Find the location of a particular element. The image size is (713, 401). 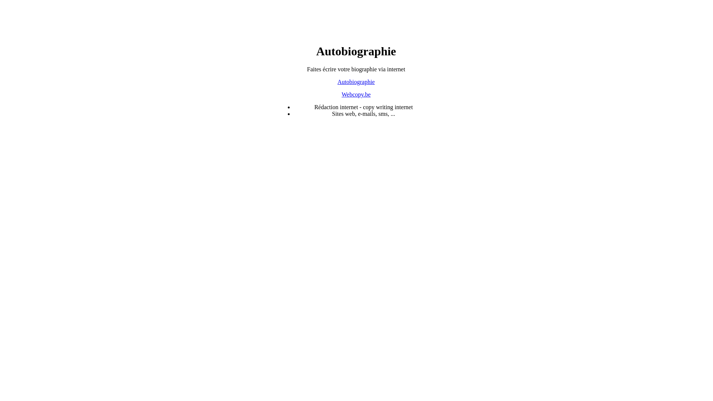

'Webcopy.be' is located at coordinates (356, 94).